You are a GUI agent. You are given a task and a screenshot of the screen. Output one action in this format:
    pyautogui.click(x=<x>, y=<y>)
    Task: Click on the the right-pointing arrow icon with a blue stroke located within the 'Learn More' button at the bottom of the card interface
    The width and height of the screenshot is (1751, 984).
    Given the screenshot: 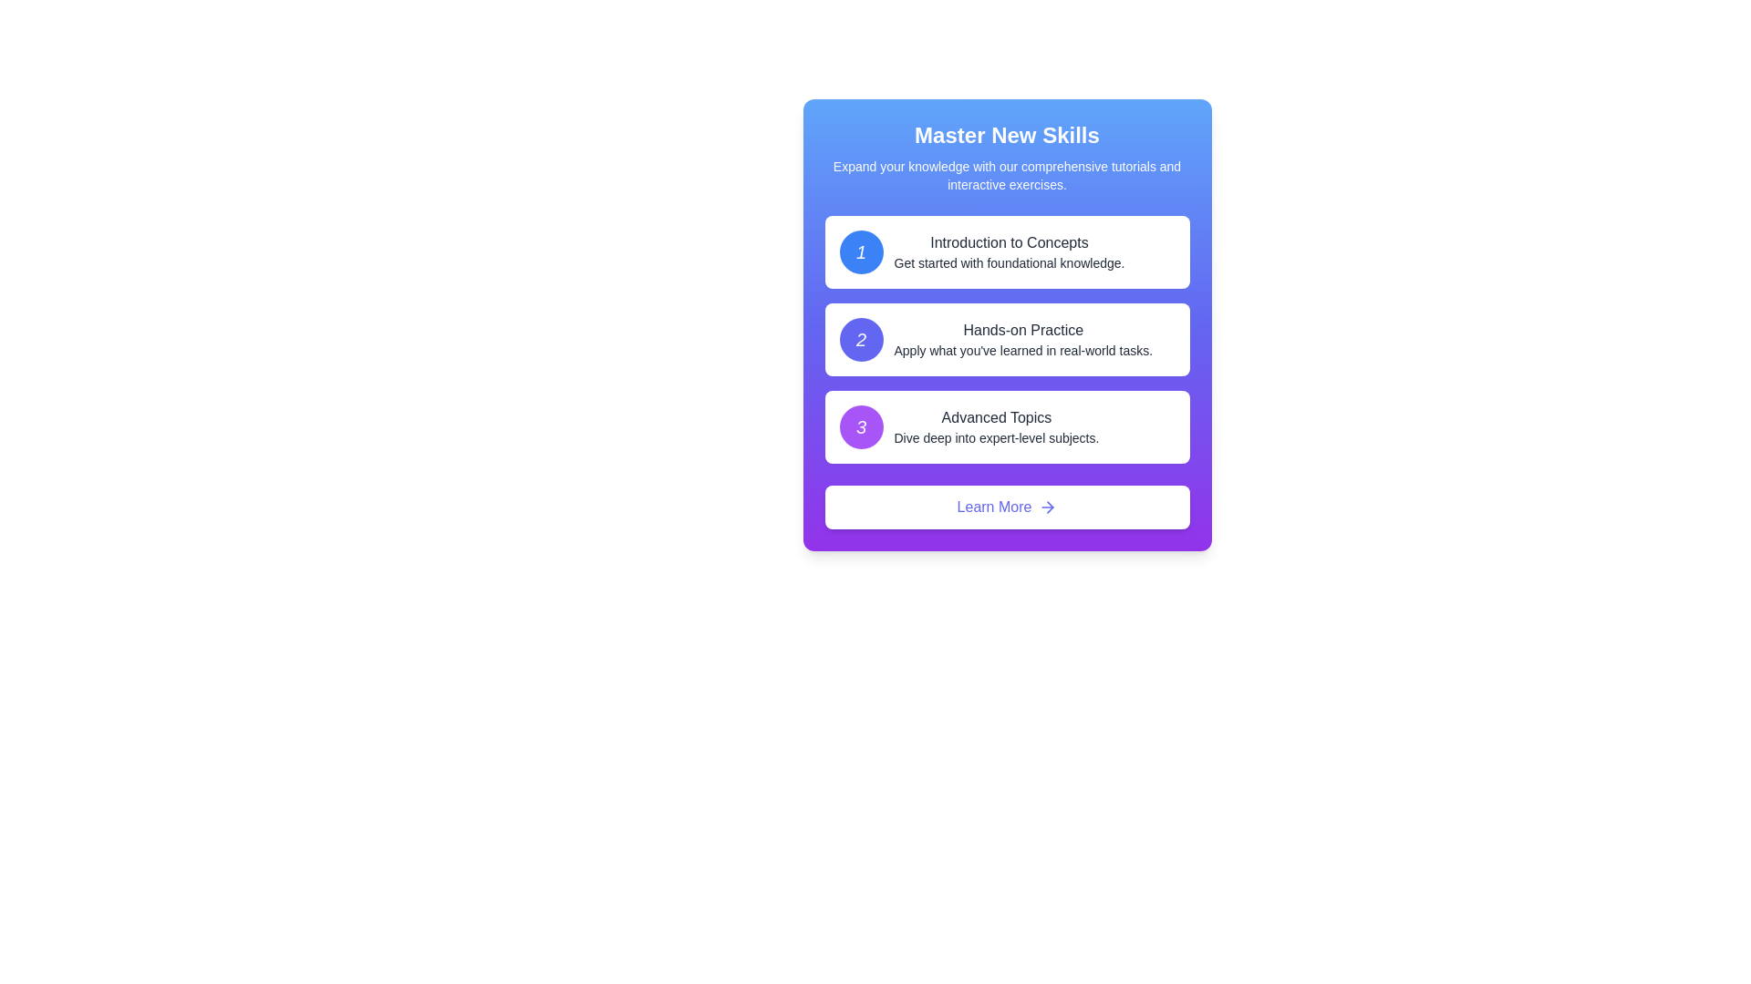 What is the action you would take?
    pyautogui.click(x=1048, y=507)
    